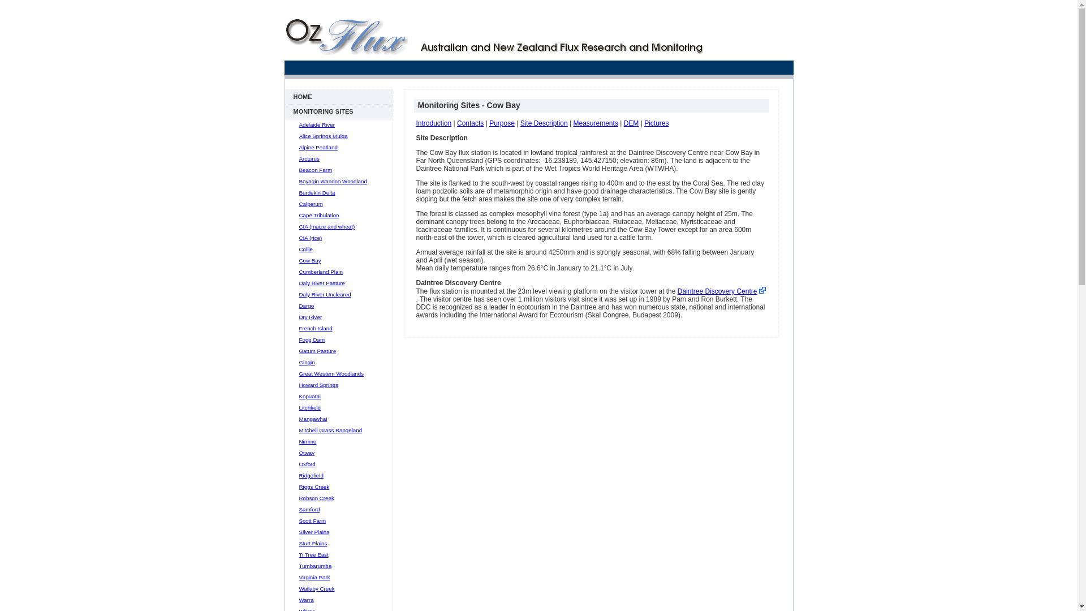 The image size is (1086, 611). I want to click on 'Beacon Farm', so click(315, 170).